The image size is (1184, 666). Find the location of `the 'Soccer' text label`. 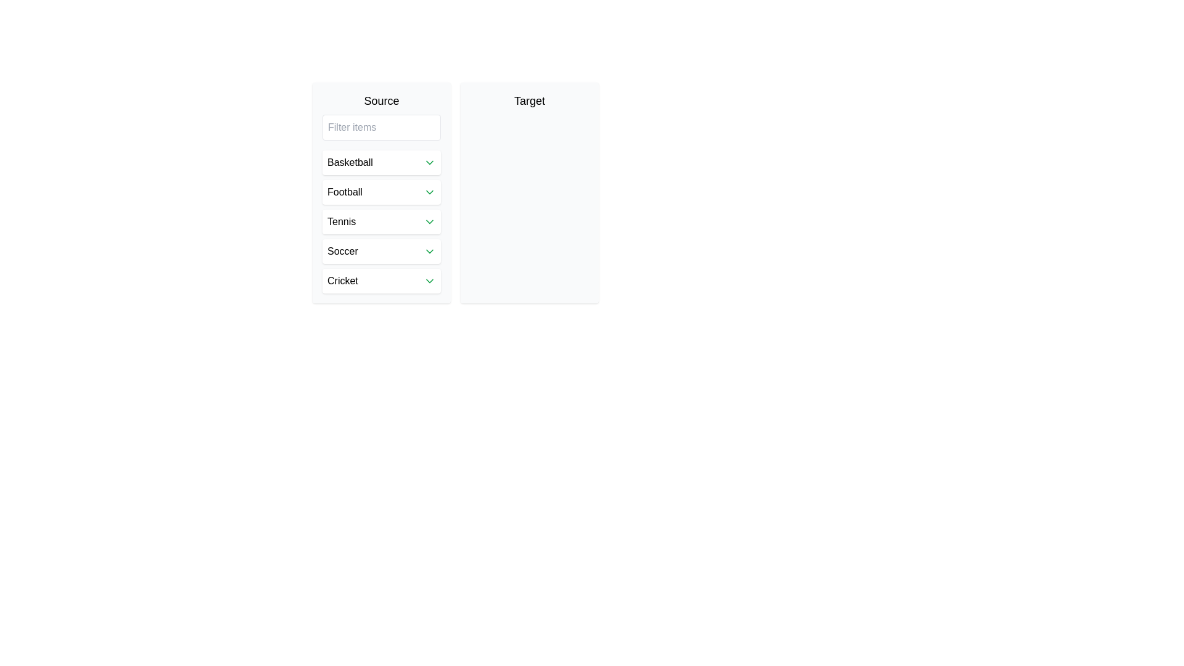

the 'Soccer' text label is located at coordinates (342, 251).